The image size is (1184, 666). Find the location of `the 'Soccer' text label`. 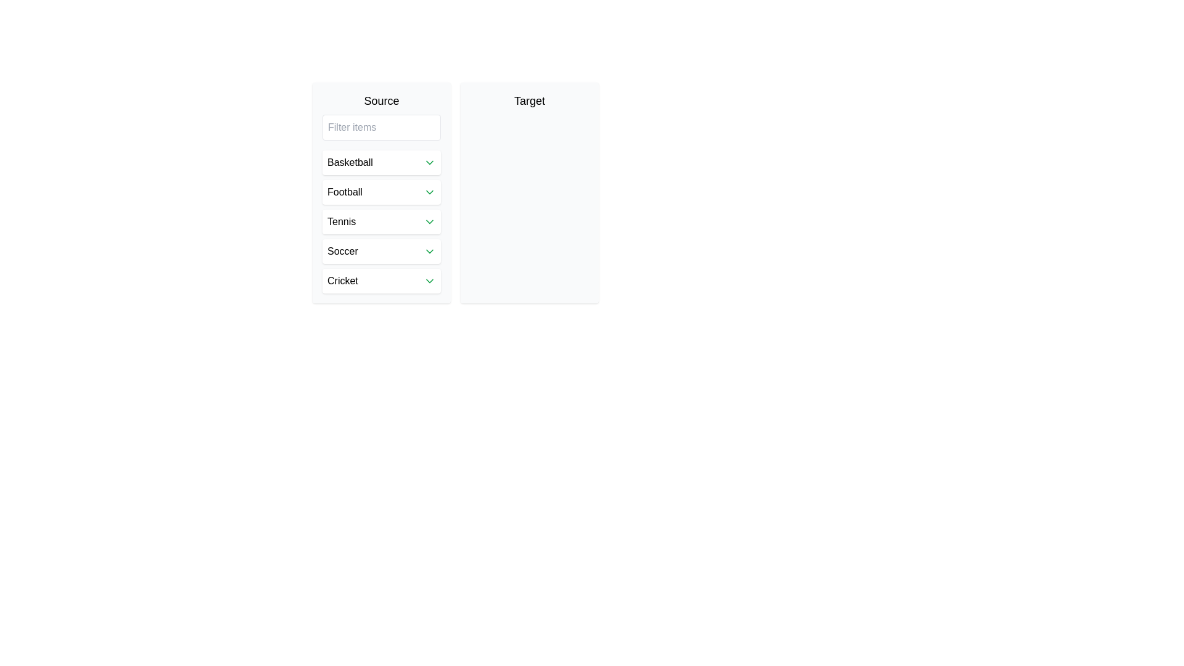

the 'Soccer' text label is located at coordinates (342, 251).